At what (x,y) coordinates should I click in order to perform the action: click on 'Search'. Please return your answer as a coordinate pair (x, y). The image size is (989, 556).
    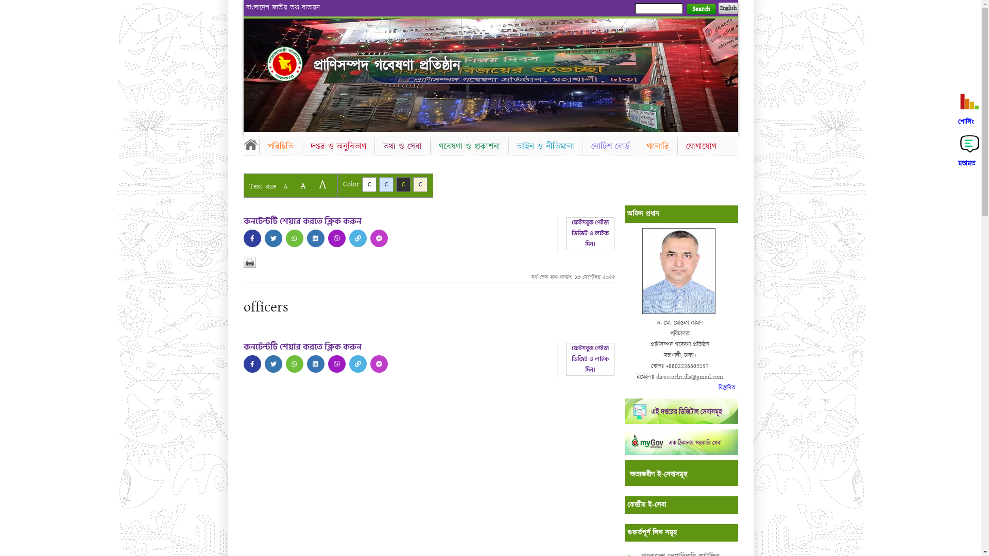
    Looking at the image, I should click on (701, 9).